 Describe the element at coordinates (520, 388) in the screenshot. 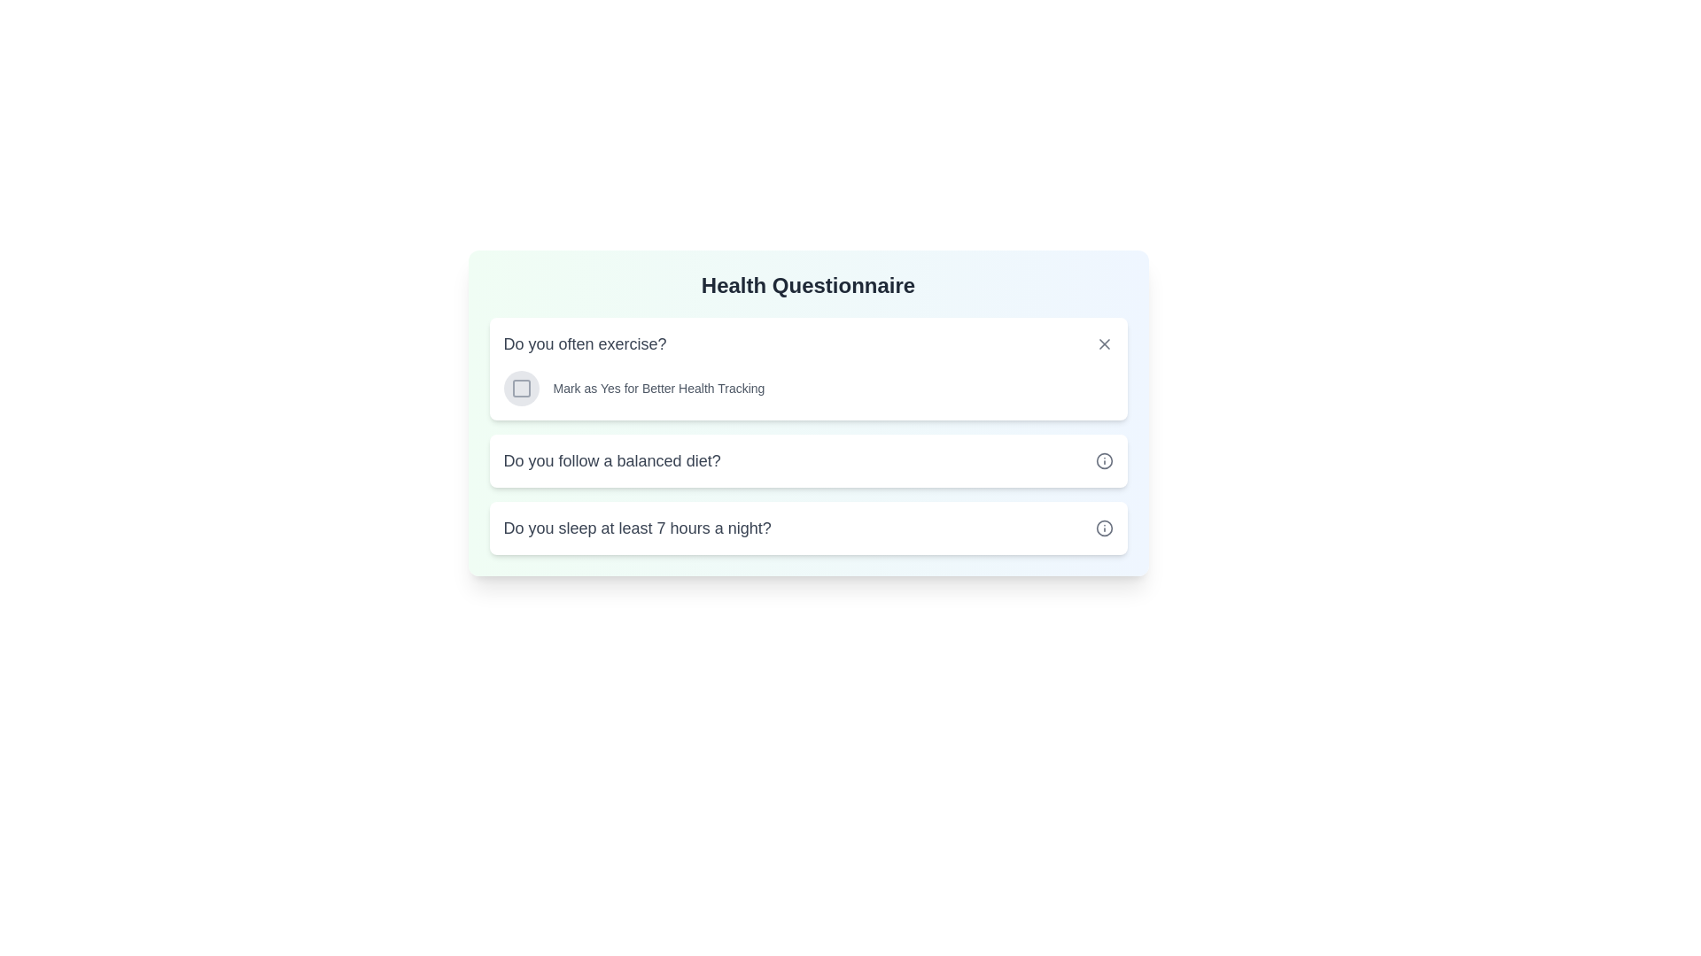

I see `the icon/button located to the left of the text 'Mark as Yes for Better Health Tracking' in the first item of the list` at that location.